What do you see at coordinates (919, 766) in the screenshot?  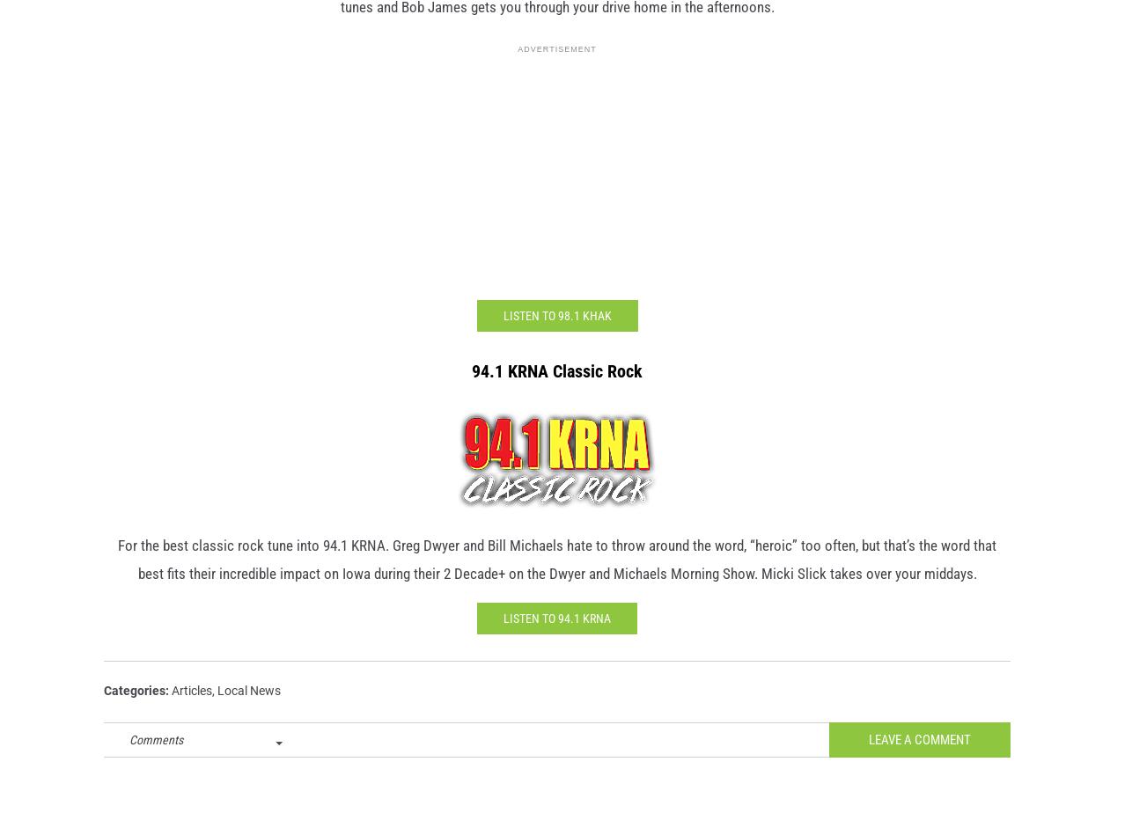 I see `'Leave A Comment'` at bounding box center [919, 766].